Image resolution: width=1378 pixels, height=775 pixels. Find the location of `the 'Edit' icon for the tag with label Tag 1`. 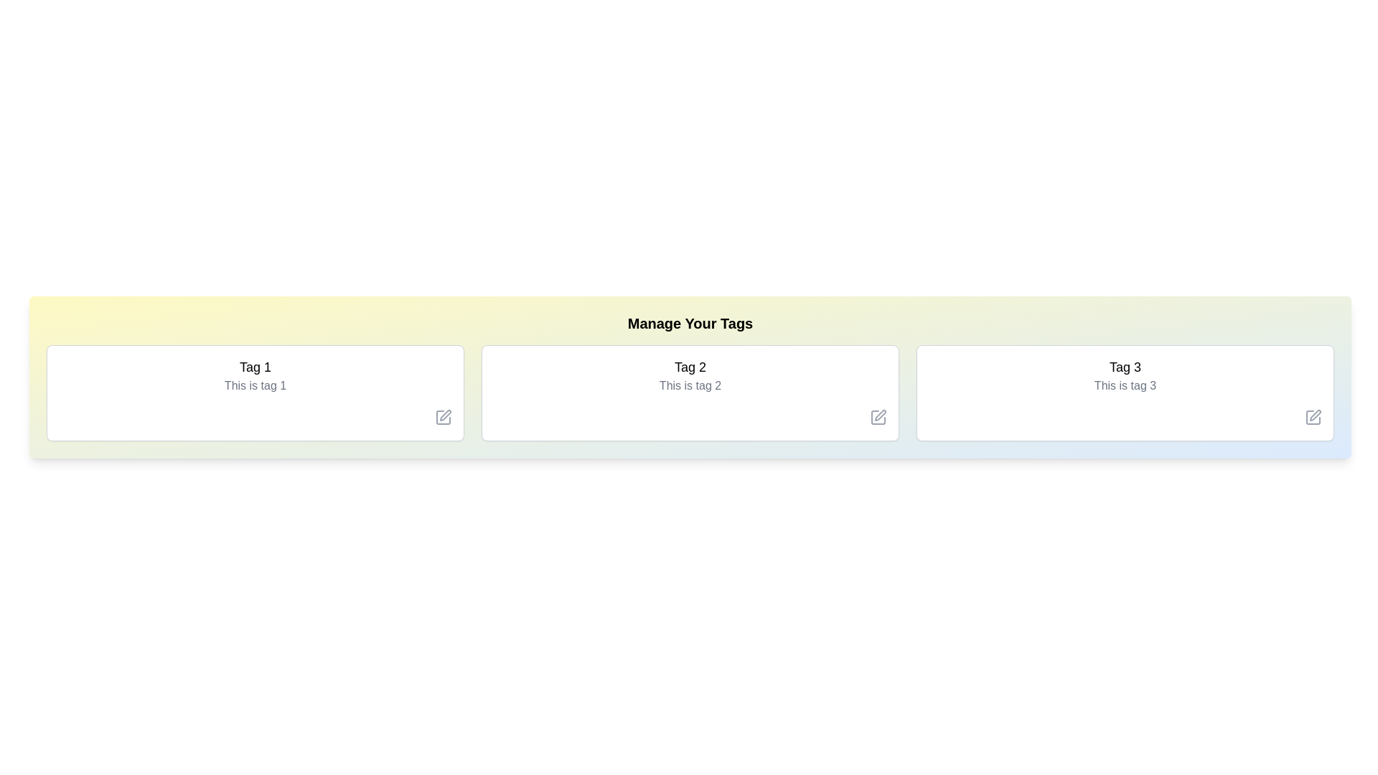

the 'Edit' icon for the tag with label Tag 1 is located at coordinates (443, 418).